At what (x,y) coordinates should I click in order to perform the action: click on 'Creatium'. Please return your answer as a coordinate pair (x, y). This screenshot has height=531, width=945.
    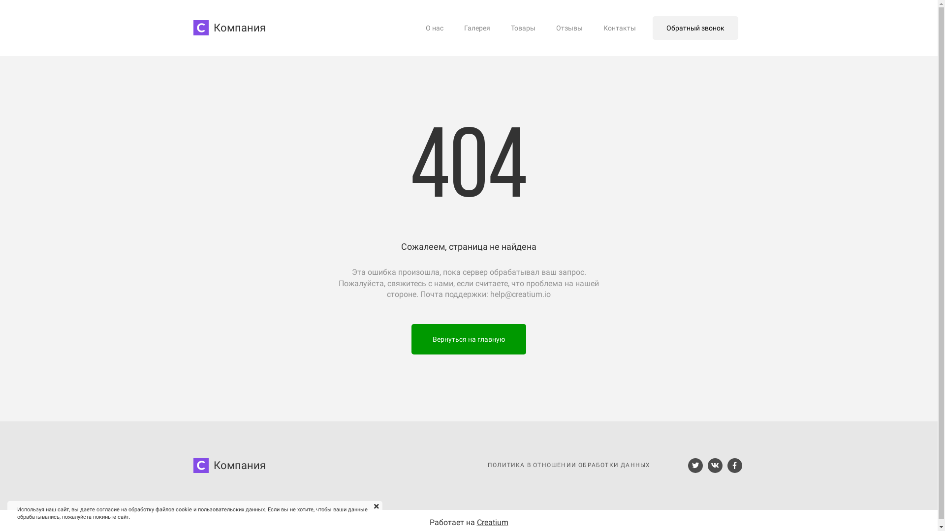
    Looking at the image, I should click on (476, 521).